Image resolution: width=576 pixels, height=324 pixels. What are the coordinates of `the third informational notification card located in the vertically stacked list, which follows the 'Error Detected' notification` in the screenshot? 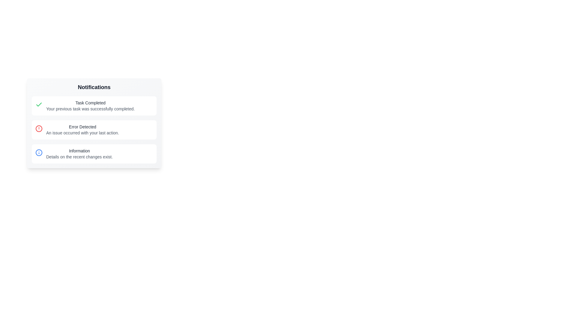 It's located at (94, 154).